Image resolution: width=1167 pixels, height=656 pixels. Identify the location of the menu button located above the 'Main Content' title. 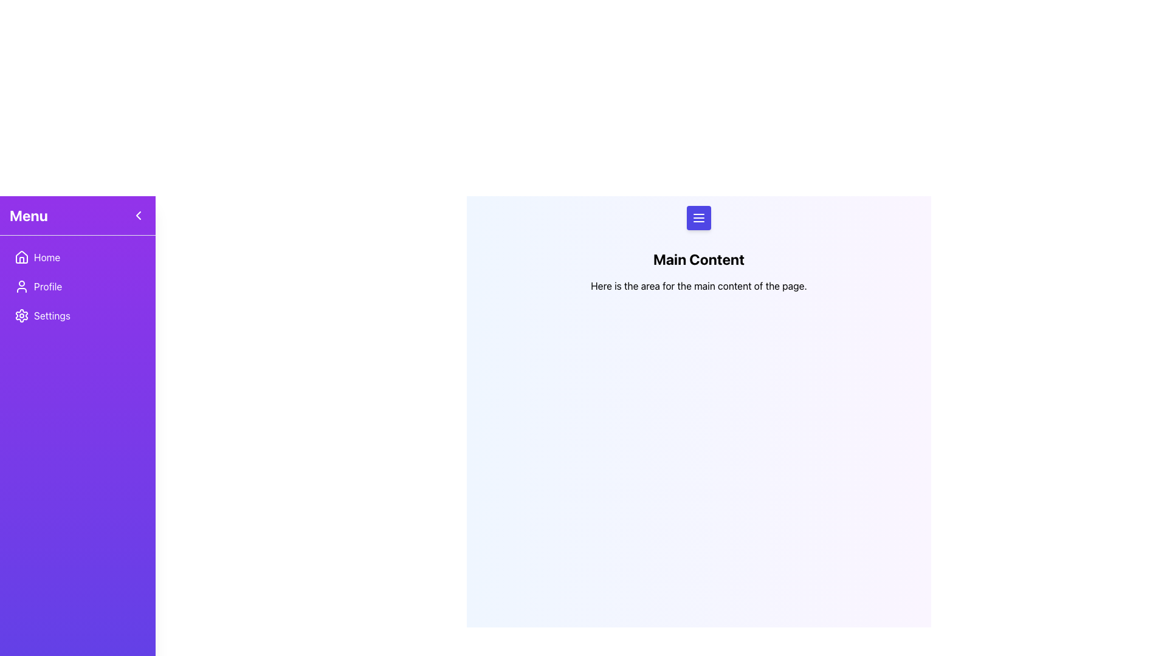
(699, 217).